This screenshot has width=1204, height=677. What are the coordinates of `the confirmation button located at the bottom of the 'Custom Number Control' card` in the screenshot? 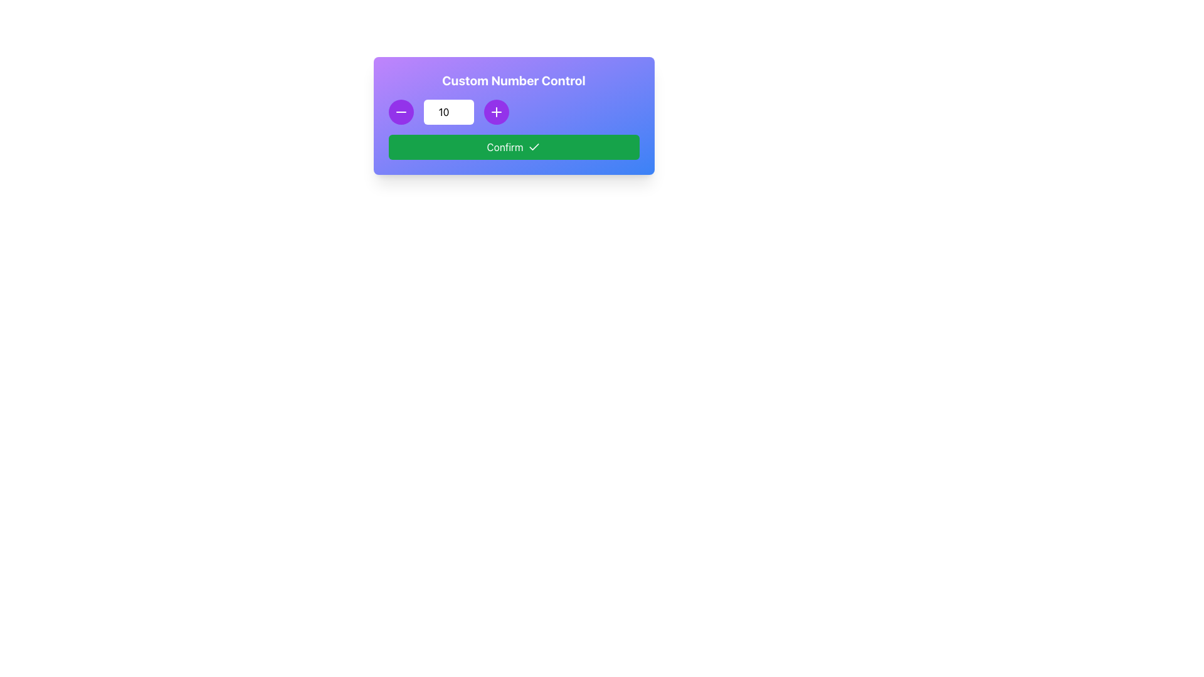 It's located at (514, 147).